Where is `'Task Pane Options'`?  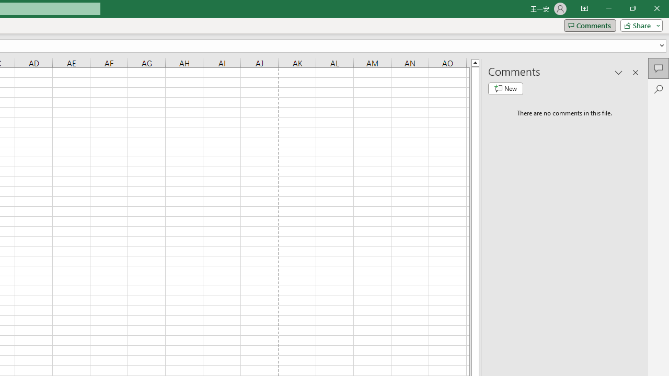
'Task Pane Options' is located at coordinates (619, 72).